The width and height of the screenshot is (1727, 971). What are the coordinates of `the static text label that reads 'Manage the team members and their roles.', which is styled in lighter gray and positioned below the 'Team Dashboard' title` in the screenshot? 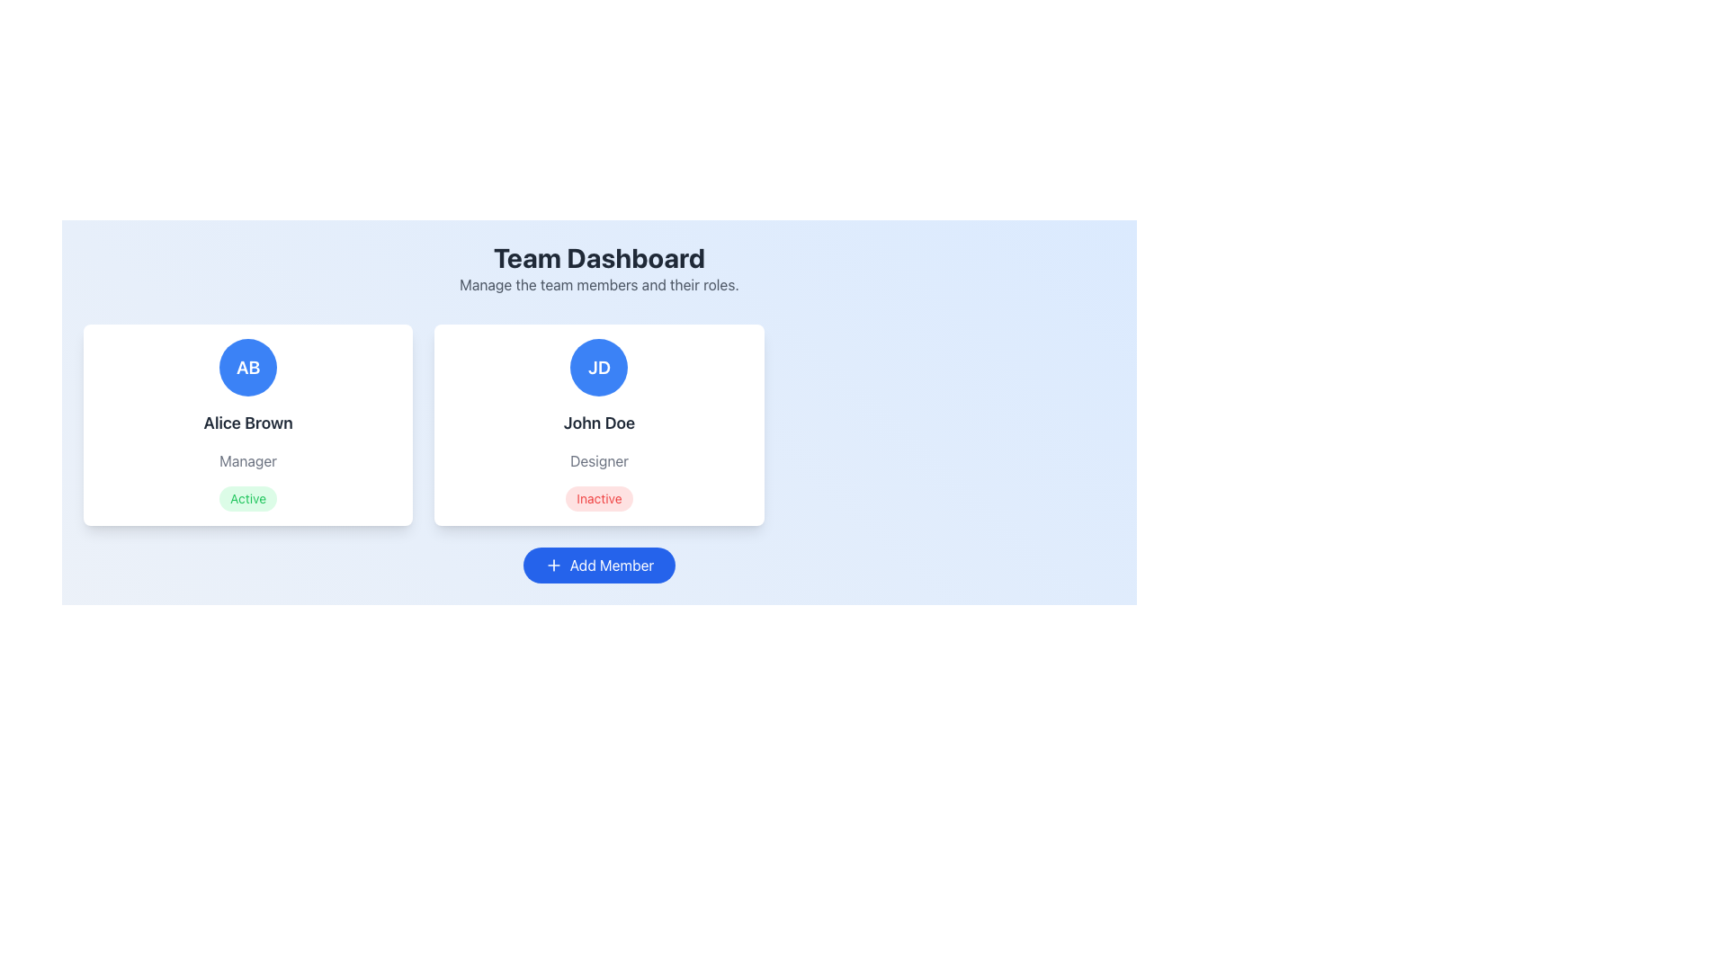 It's located at (599, 283).